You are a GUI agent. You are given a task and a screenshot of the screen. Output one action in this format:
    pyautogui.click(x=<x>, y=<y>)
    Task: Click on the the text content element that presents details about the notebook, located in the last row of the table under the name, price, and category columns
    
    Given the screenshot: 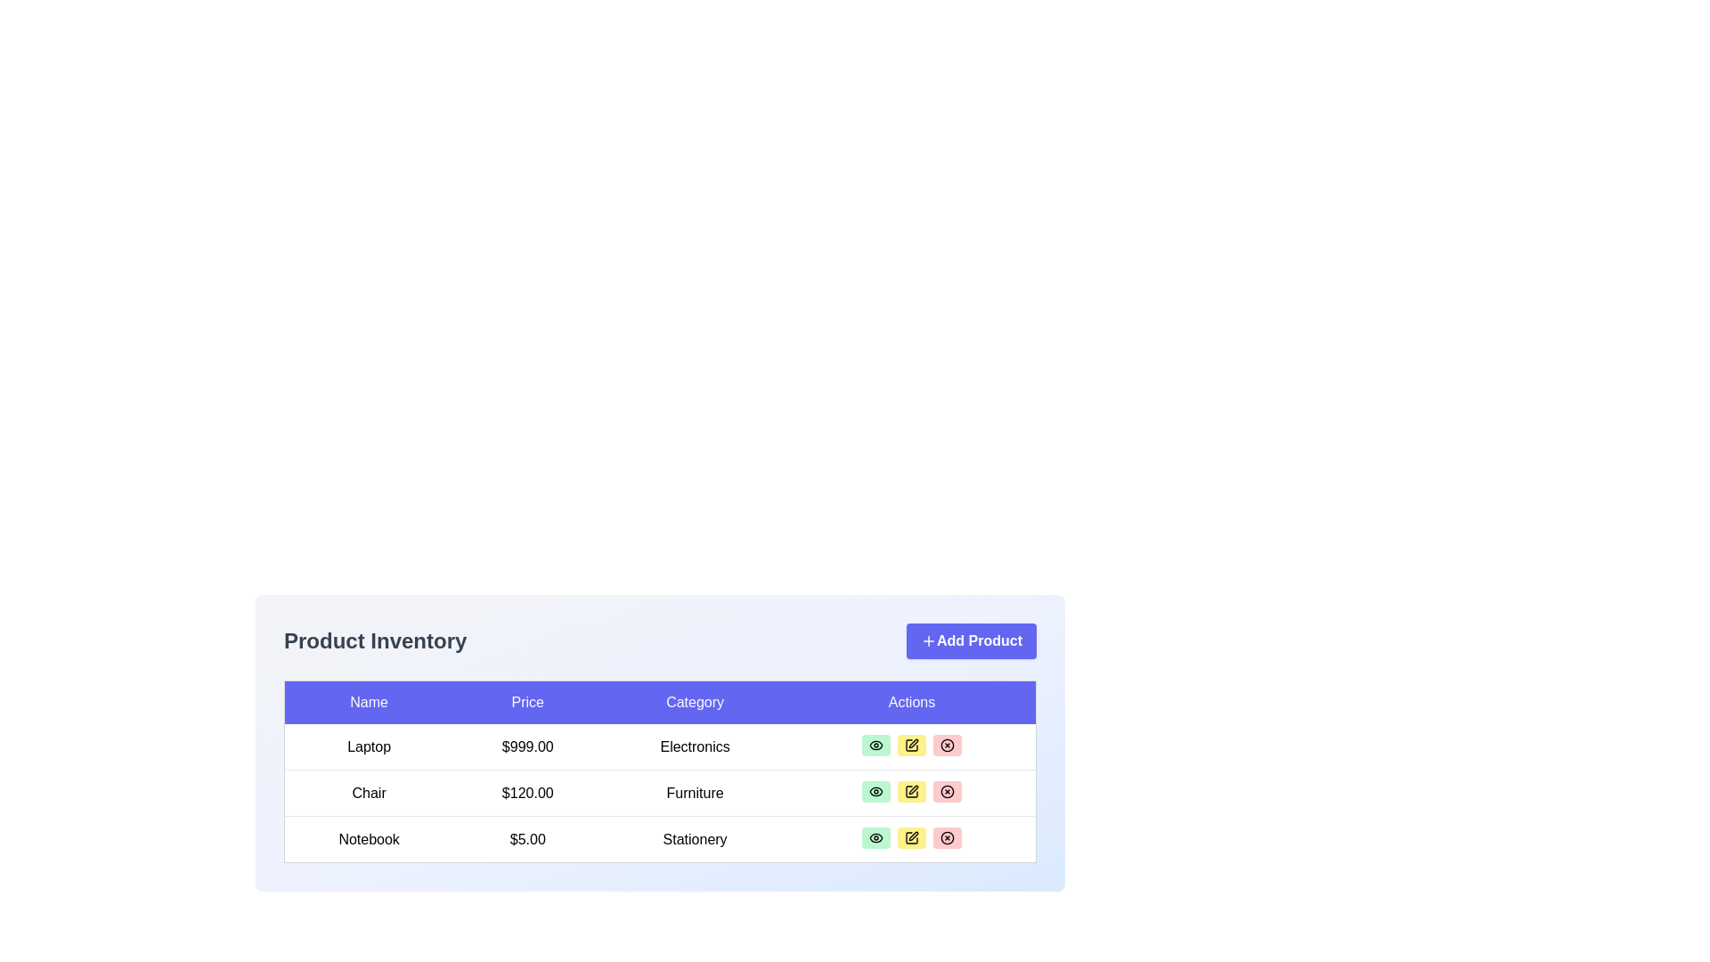 What is the action you would take?
    pyautogui.click(x=659, y=839)
    